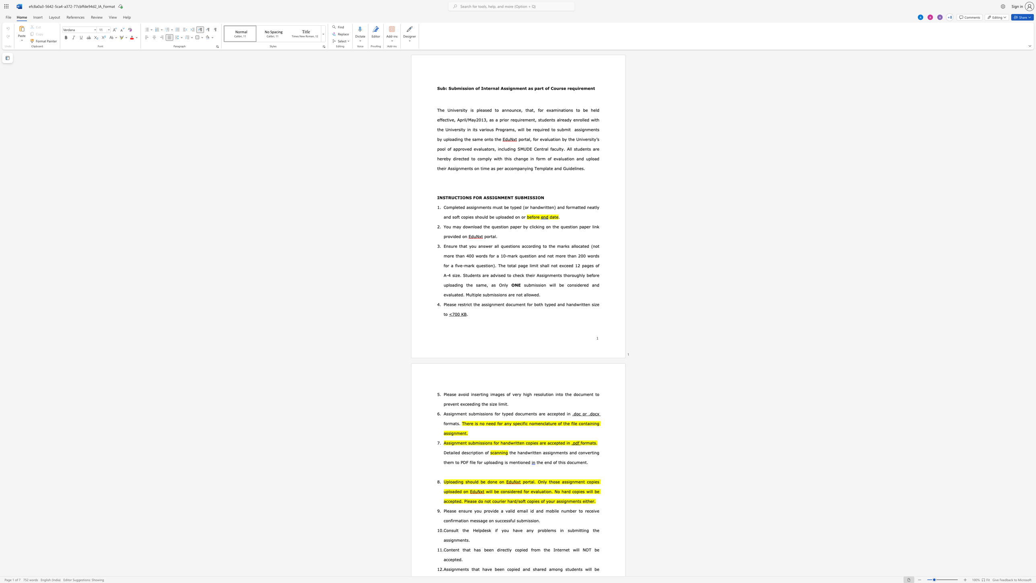 Image resolution: width=1036 pixels, height=583 pixels. I want to click on the space between the continuous character "e" and "m" in the text, so click(583, 88).